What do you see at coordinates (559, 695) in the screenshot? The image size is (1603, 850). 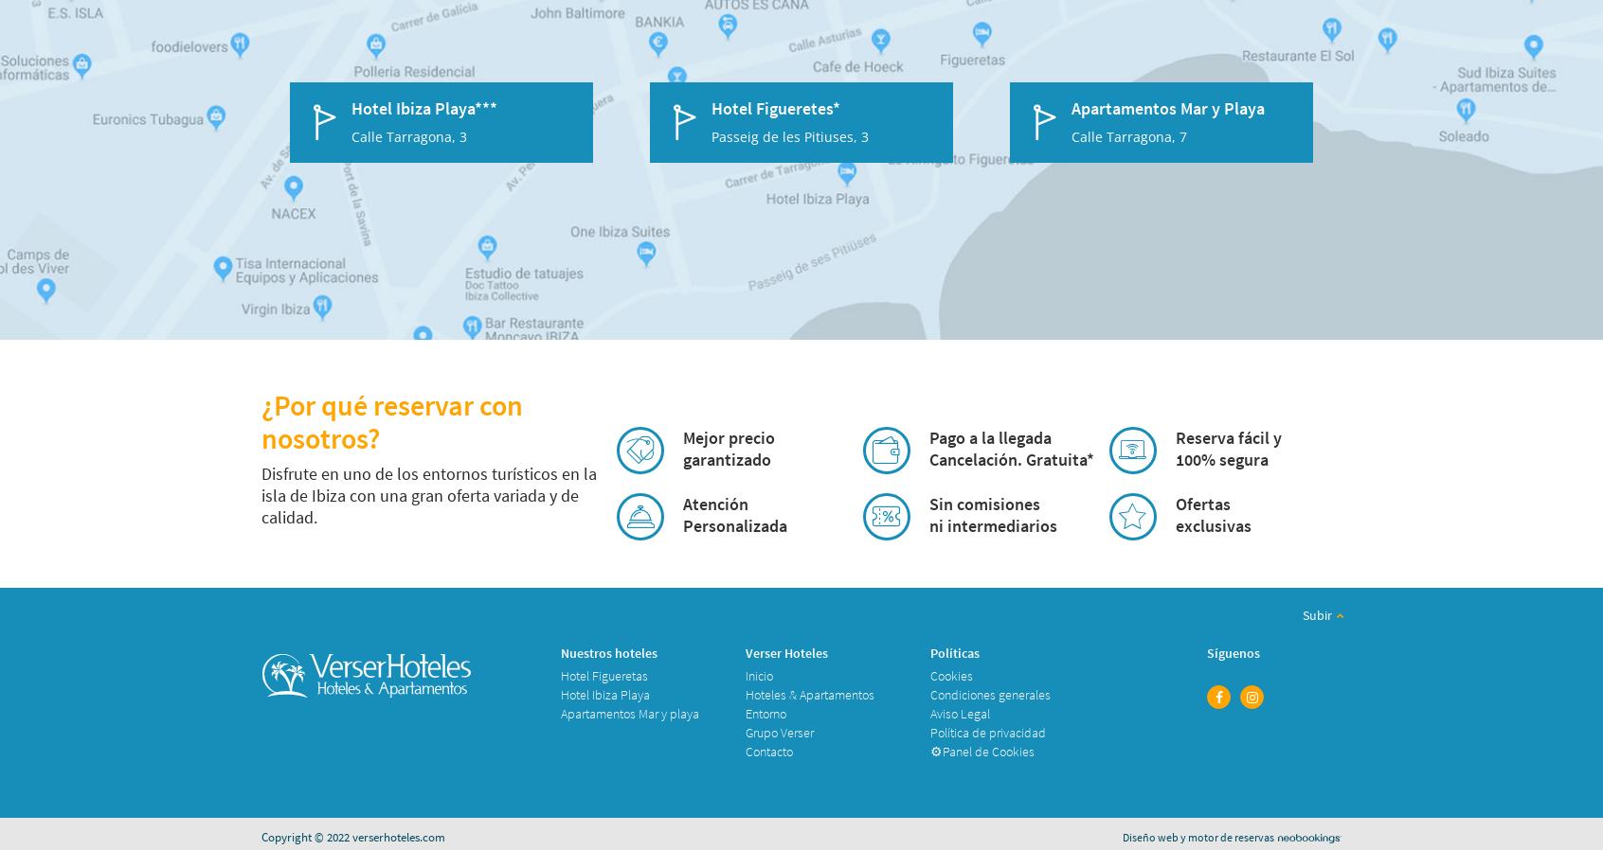 I see `'Hotel Ibiza Playa'` at bounding box center [559, 695].